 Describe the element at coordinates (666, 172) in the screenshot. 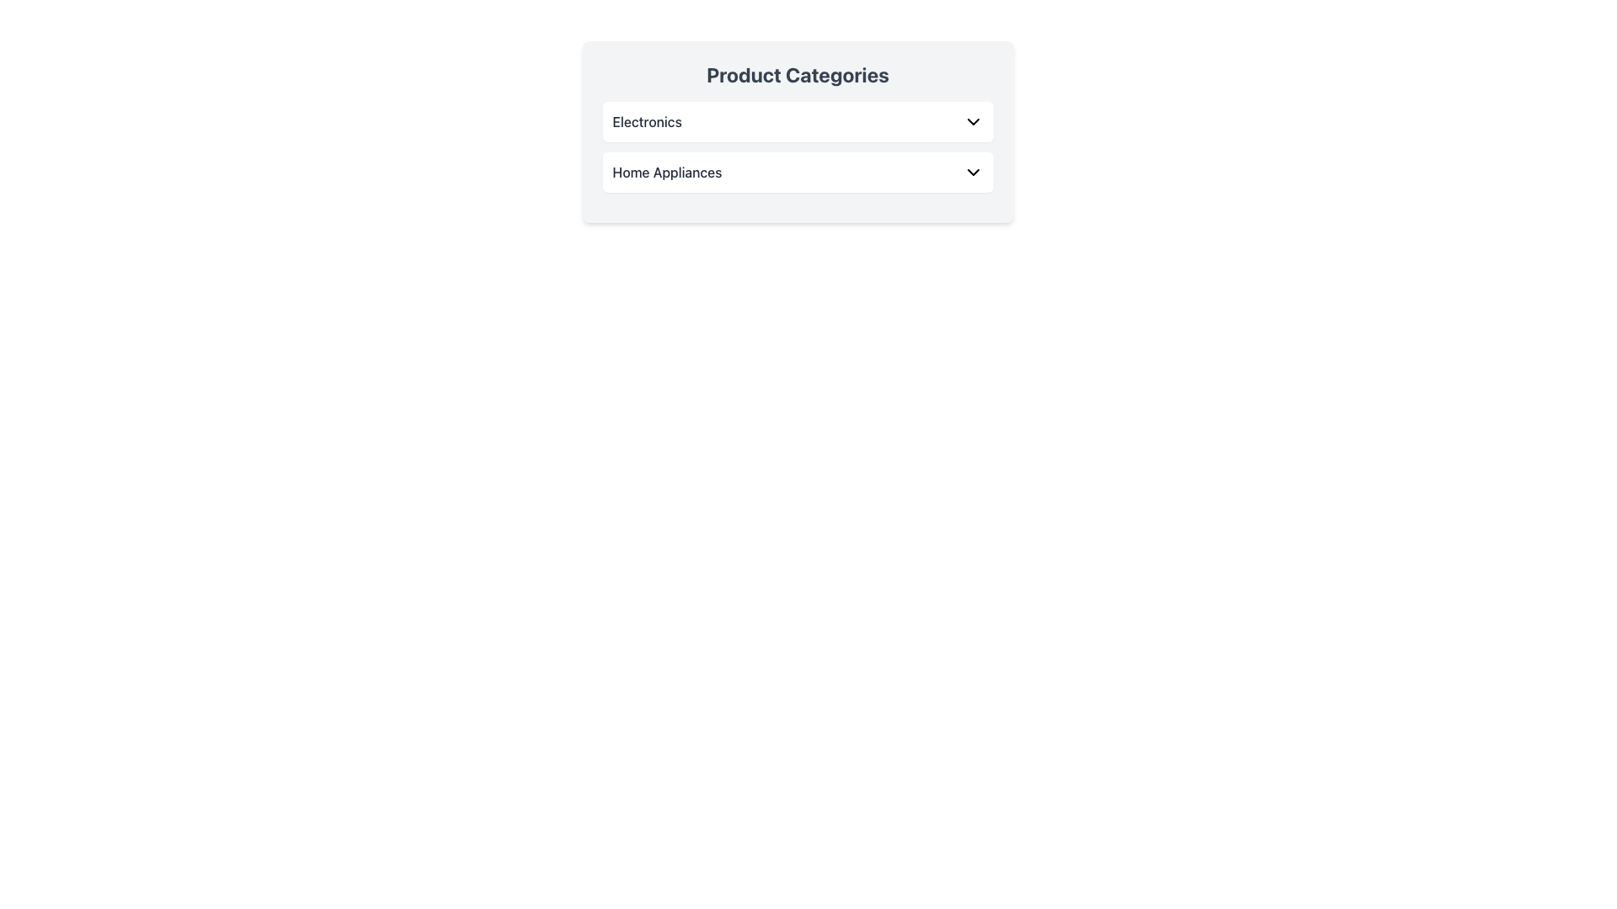

I see `the 'Home Appliances' text label located in the dropdown section titled 'Product Categories'` at that location.